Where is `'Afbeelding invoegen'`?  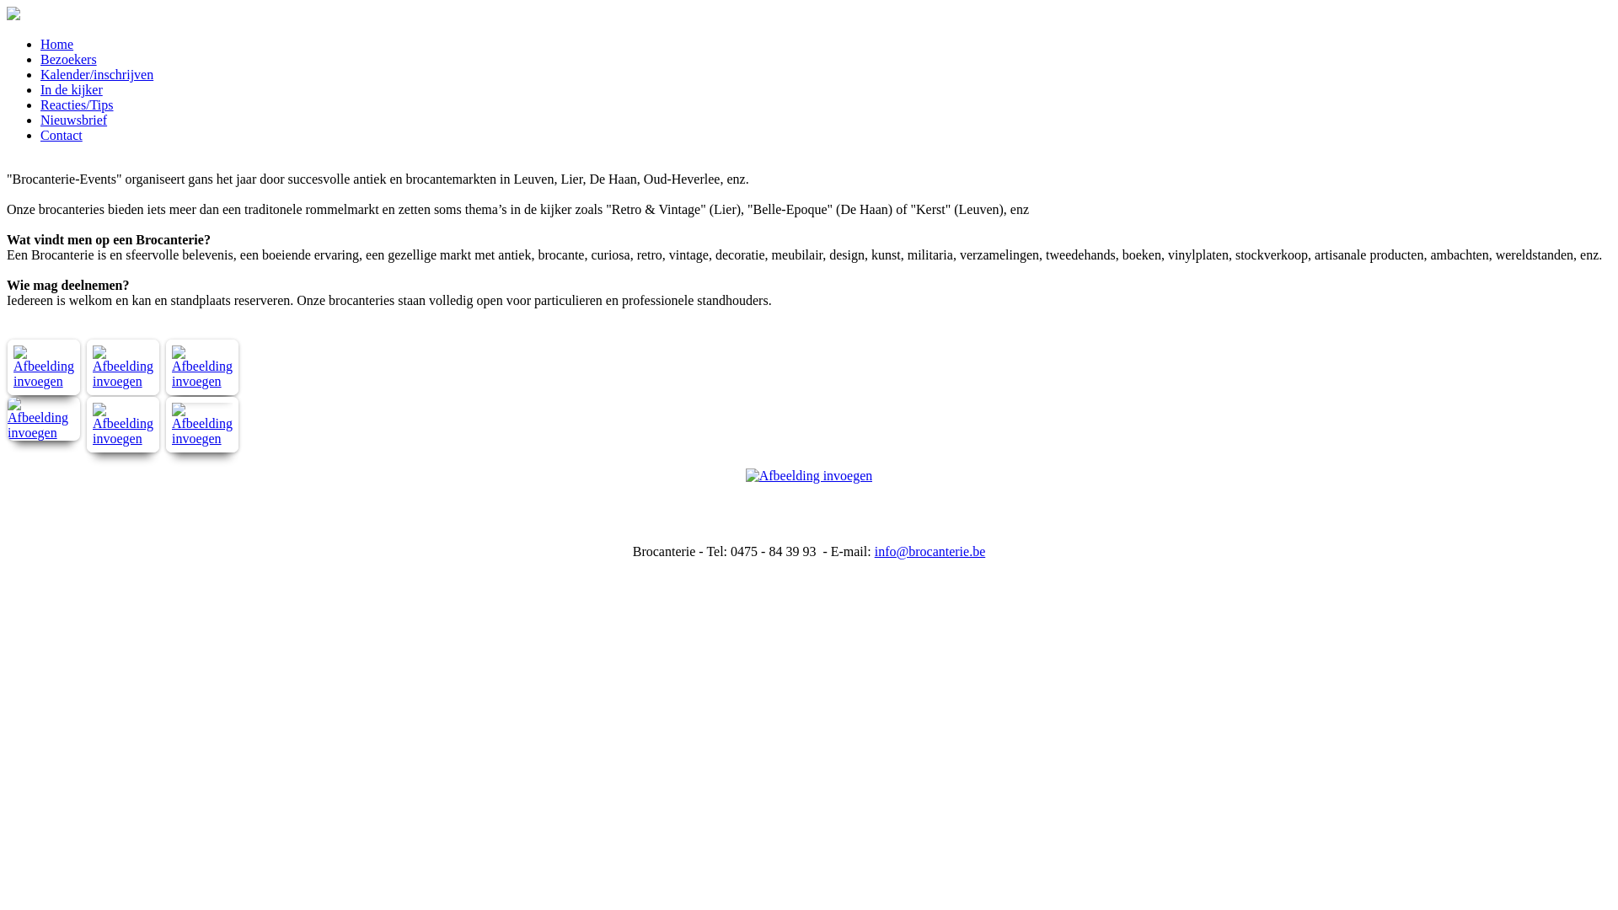
'Afbeelding invoegen' is located at coordinates (44, 381).